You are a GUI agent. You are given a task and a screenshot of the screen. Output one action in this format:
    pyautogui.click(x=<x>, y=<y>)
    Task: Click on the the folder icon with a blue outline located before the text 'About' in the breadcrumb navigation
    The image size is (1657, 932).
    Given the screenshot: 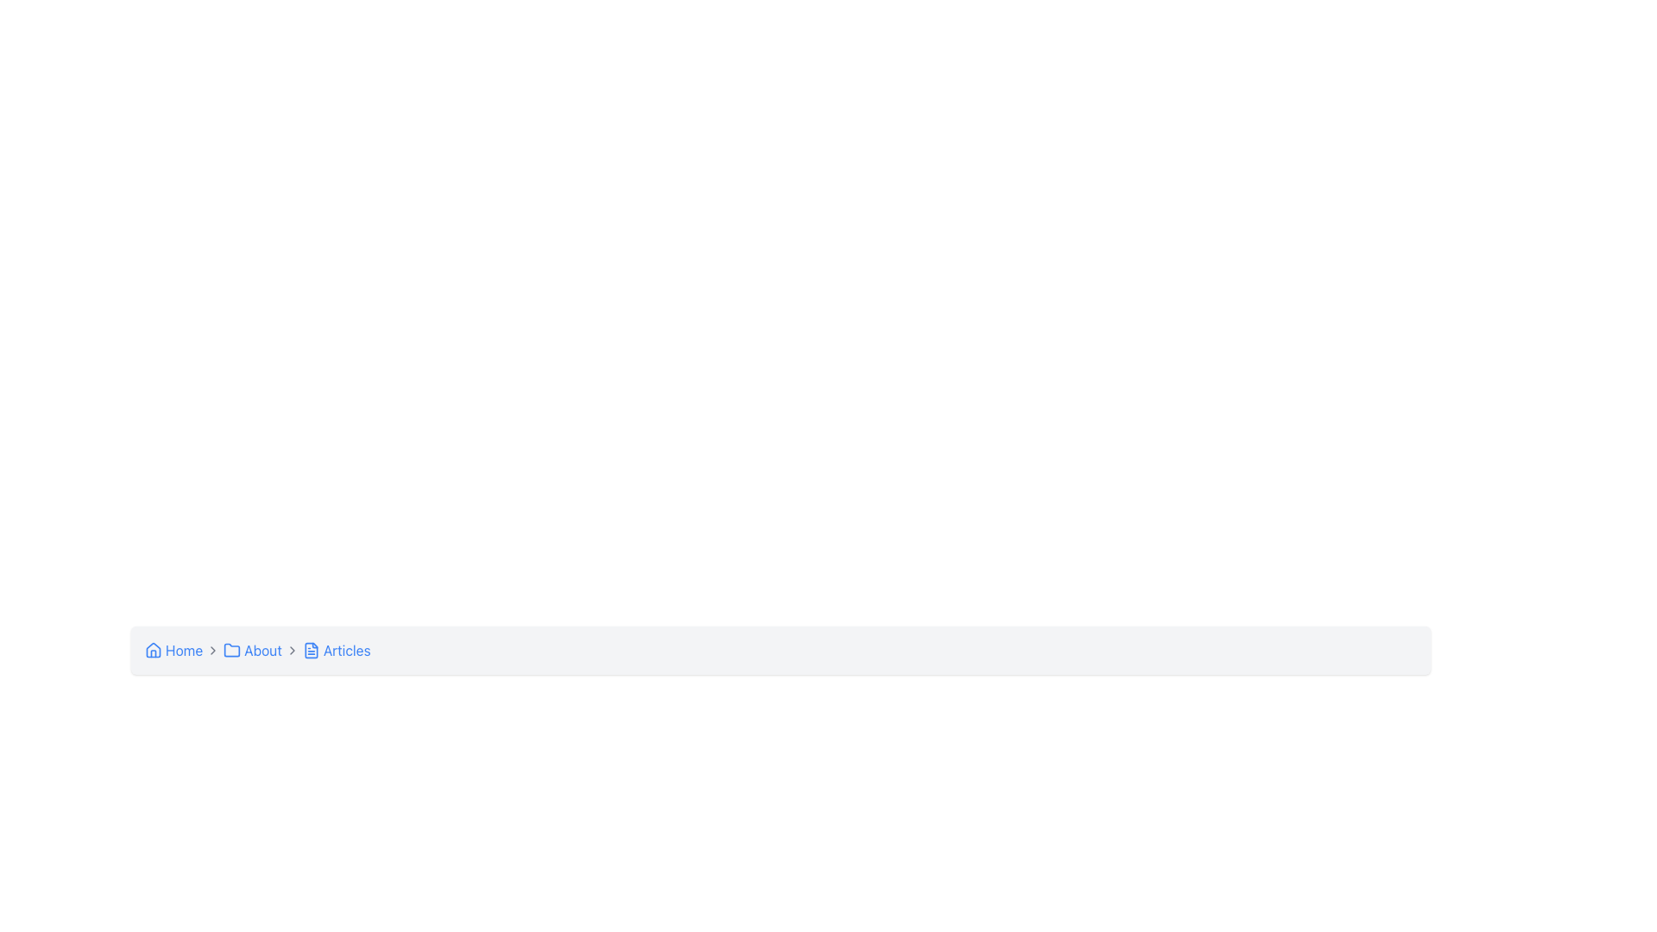 What is the action you would take?
    pyautogui.click(x=231, y=650)
    